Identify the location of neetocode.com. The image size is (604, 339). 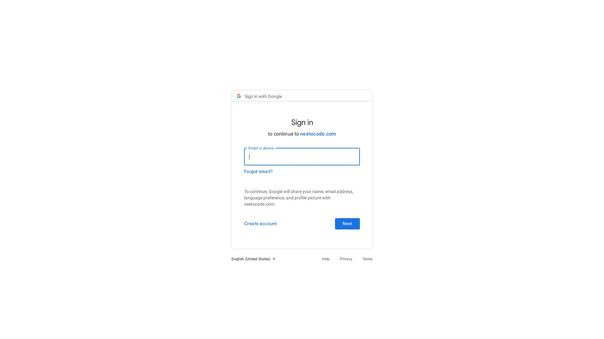
(318, 133).